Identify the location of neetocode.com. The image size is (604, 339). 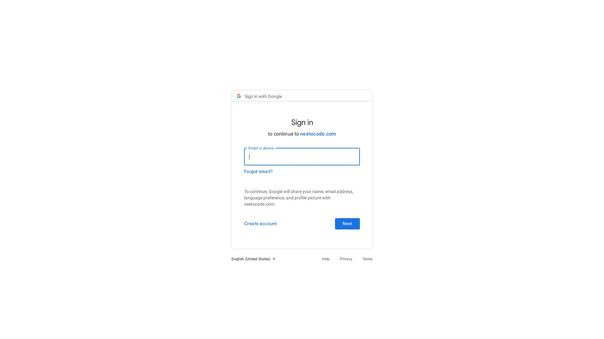
(318, 133).